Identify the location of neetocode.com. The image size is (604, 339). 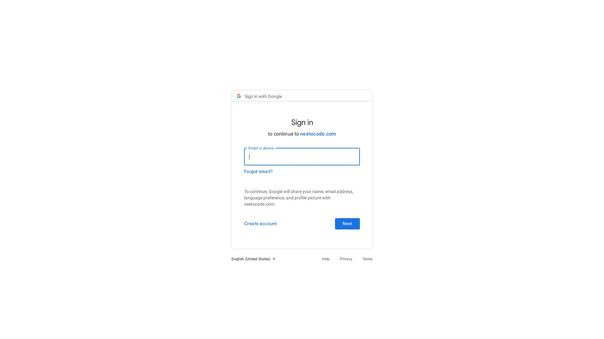
(318, 133).